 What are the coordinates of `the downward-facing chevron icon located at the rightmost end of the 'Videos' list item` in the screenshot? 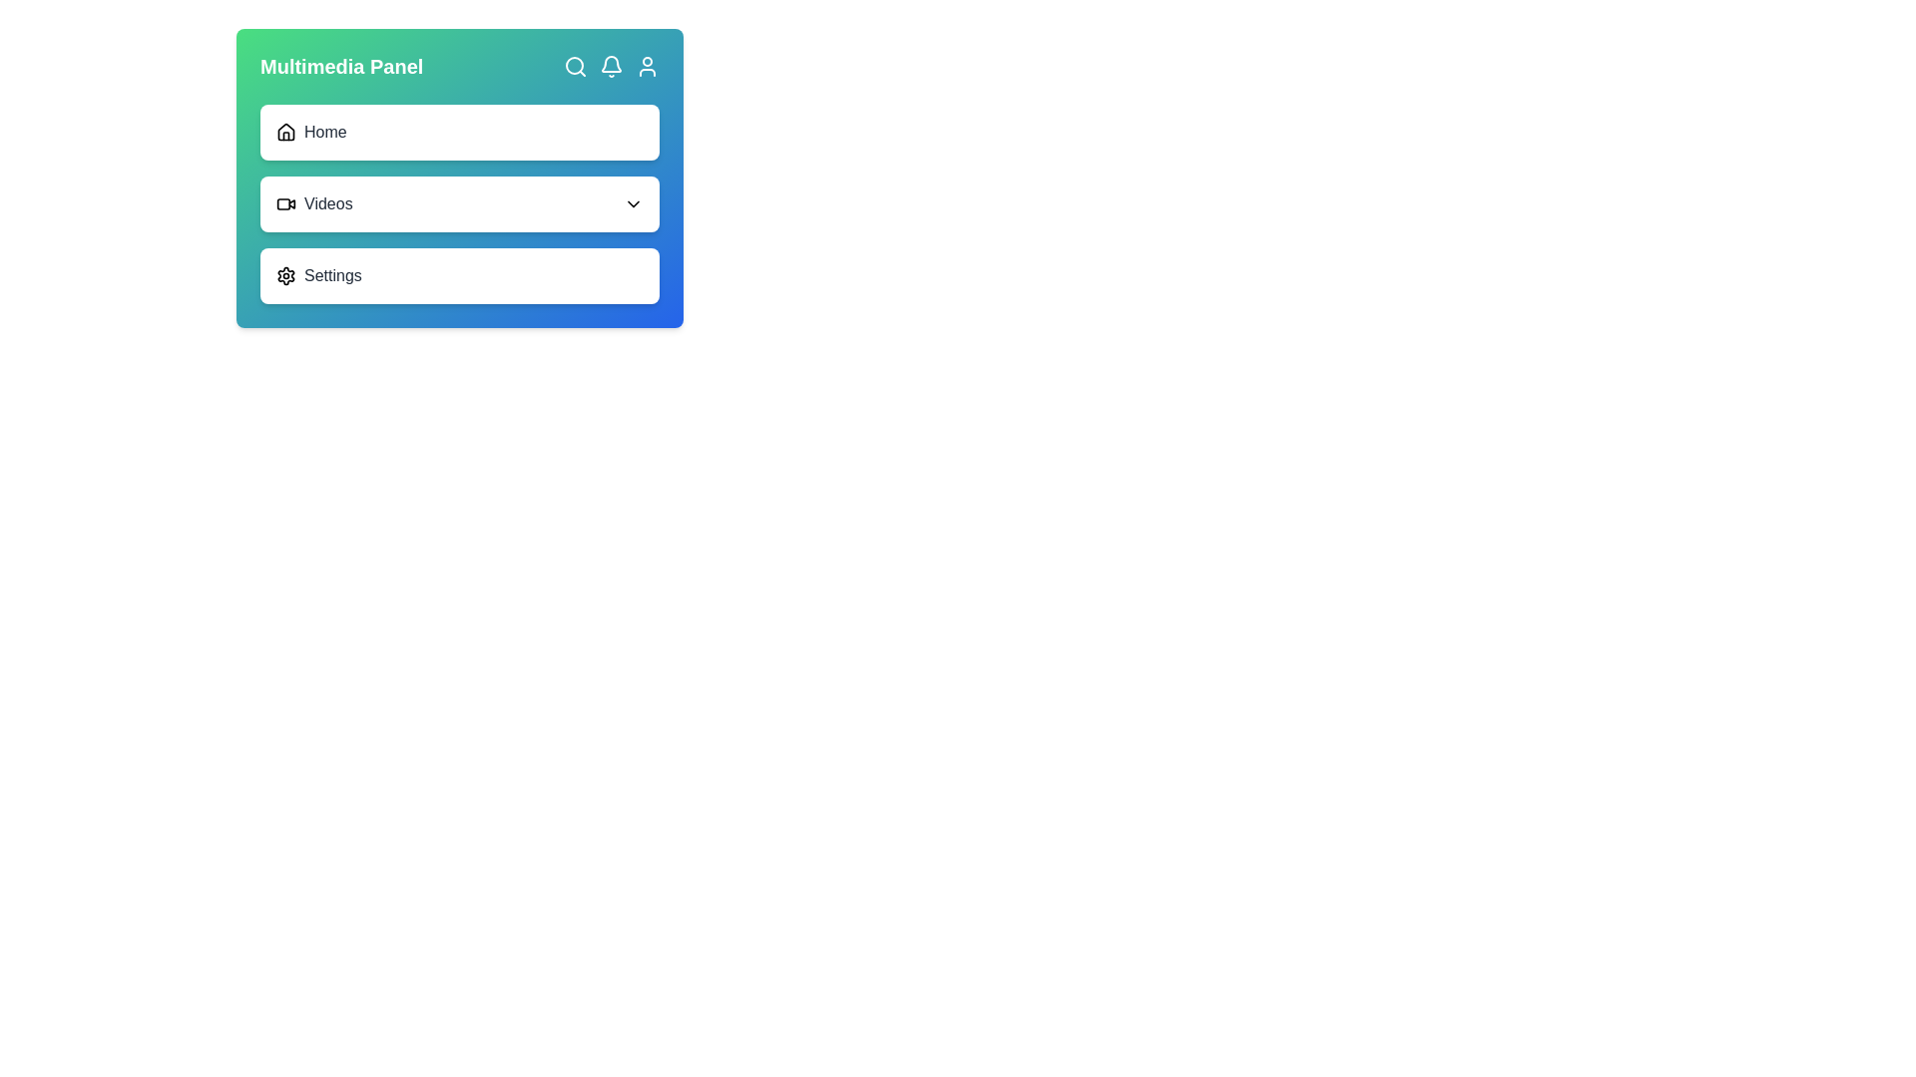 It's located at (632, 203).